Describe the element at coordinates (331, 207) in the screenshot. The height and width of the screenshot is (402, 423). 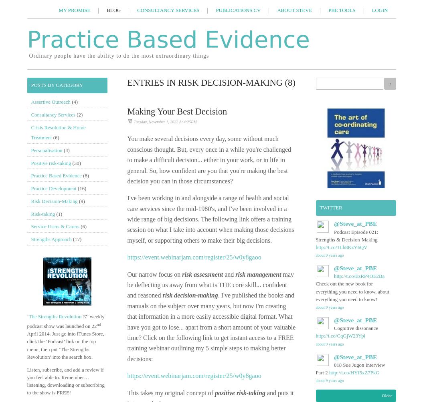
I see `'Twitter'` at that location.